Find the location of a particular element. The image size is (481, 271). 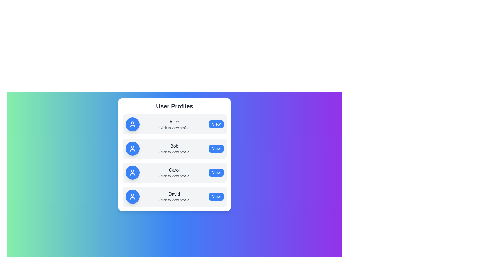

the bold name 'David' in the last profile entry of the user profile list, which is displayed in a large dark gray font and is positioned above the smaller text 'Click is located at coordinates (174, 194).